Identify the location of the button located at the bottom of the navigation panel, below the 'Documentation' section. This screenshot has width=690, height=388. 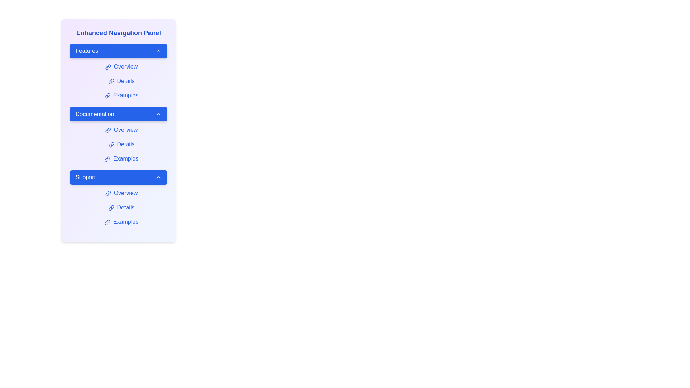
(119, 177).